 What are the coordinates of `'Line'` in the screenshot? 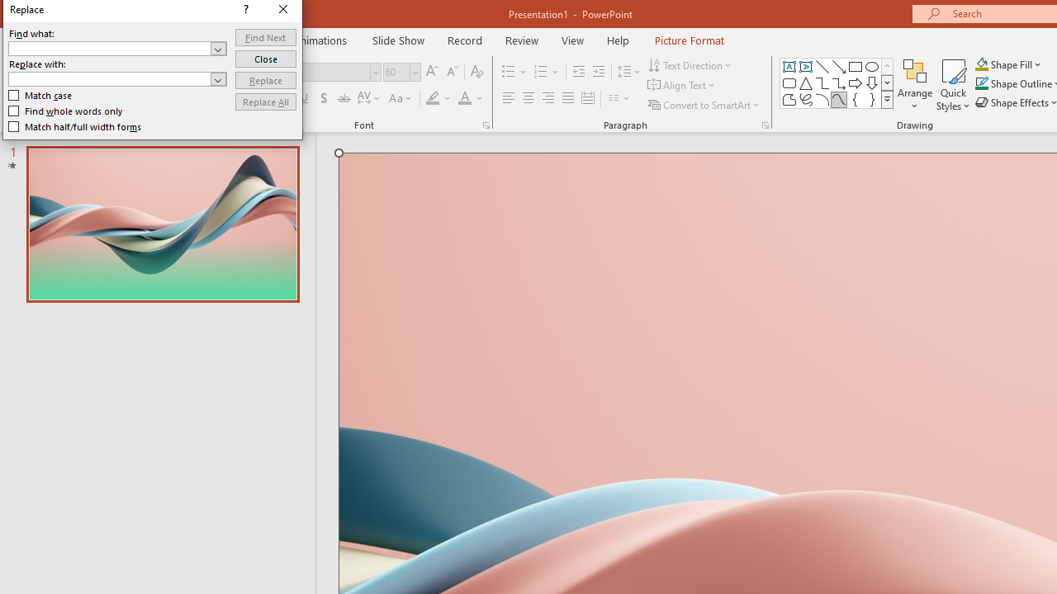 It's located at (822, 66).